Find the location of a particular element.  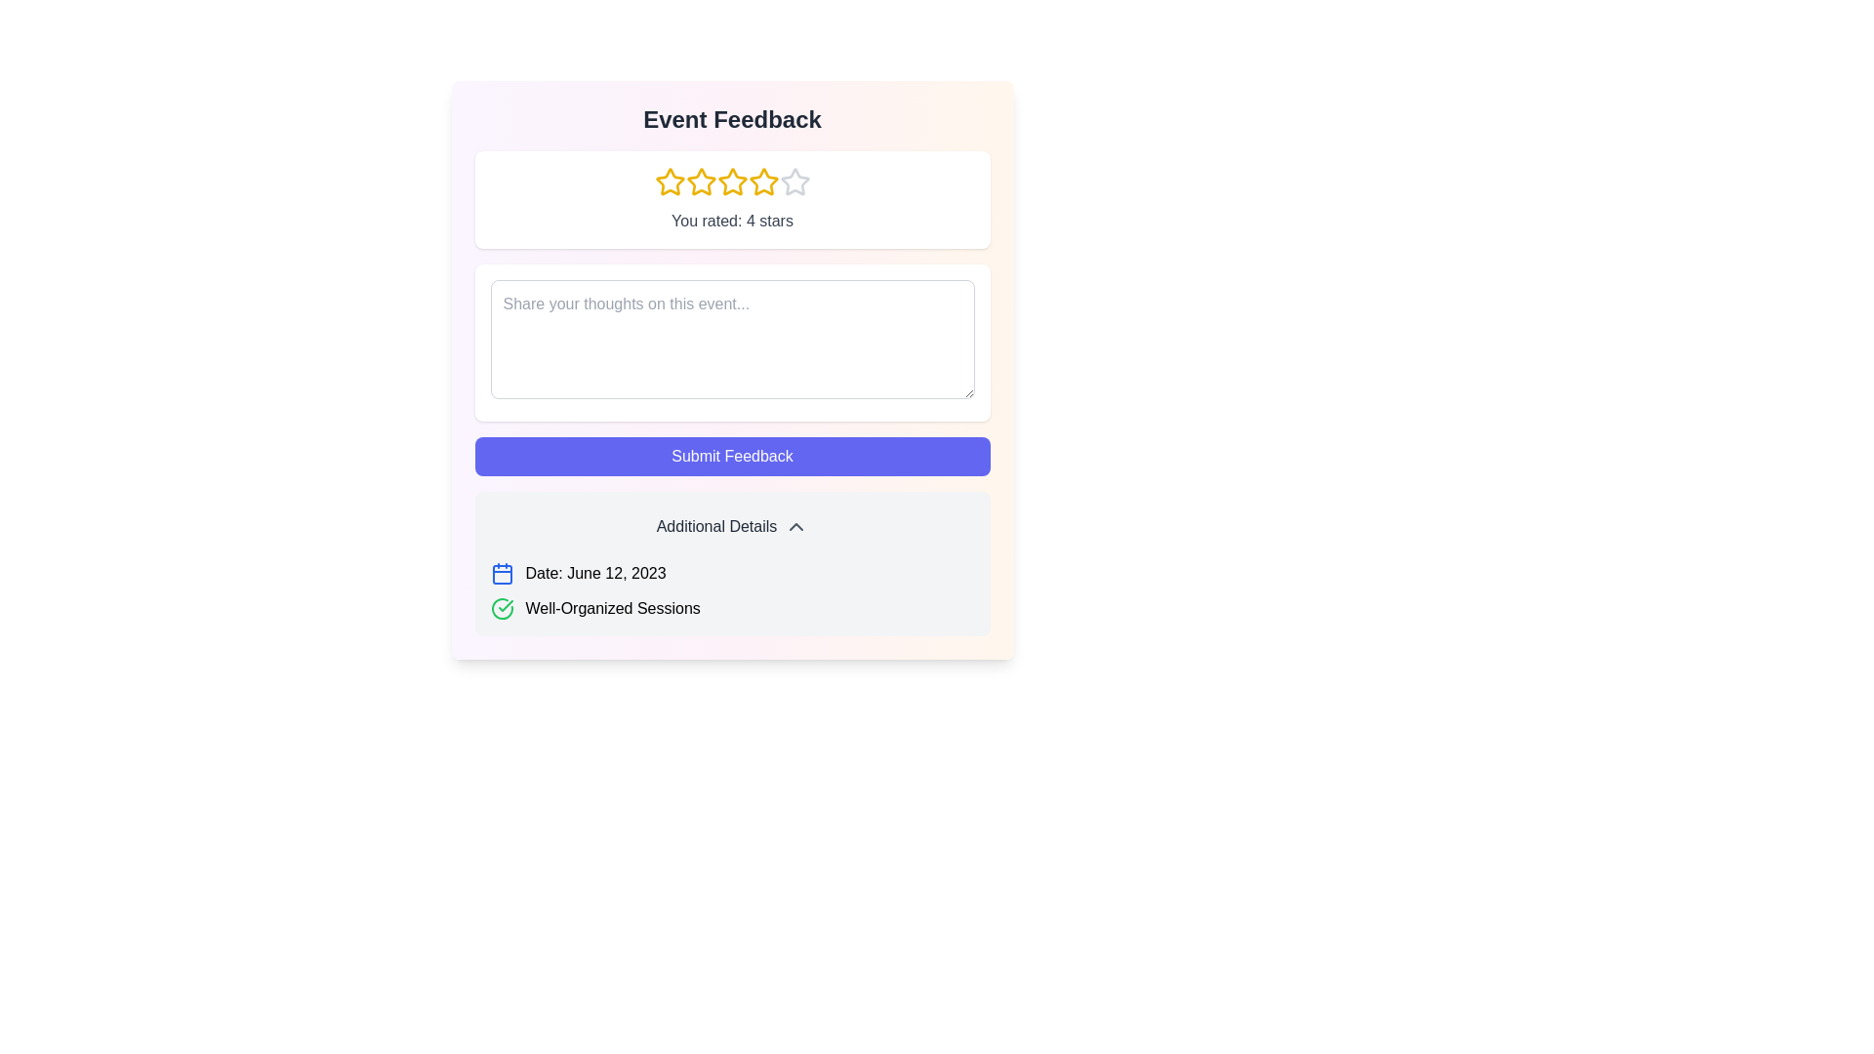

additional details displayed in the Information box located below the 'Submit Feedback' button in the 'Event Feedback' section is located at coordinates (731, 564).